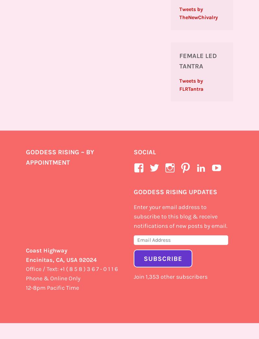  What do you see at coordinates (170, 276) in the screenshot?
I see `'Join 1,353 other subscribers'` at bounding box center [170, 276].